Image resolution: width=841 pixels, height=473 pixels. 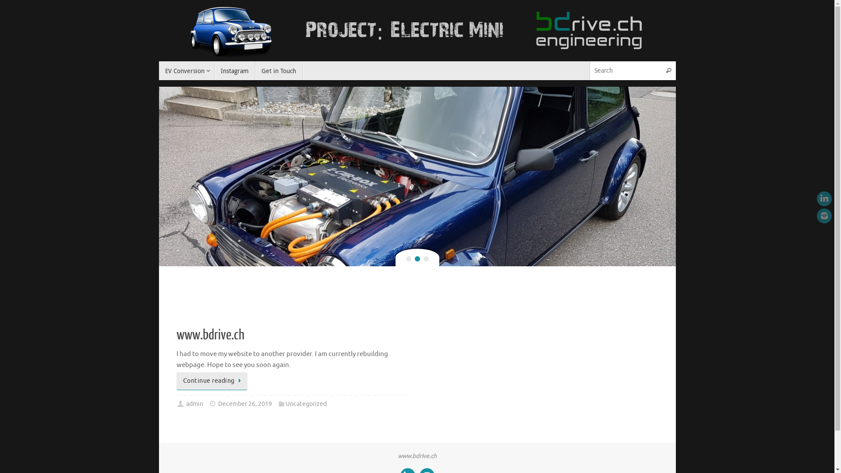 What do you see at coordinates (279, 70) in the screenshot?
I see `'Get in Touch'` at bounding box center [279, 70].